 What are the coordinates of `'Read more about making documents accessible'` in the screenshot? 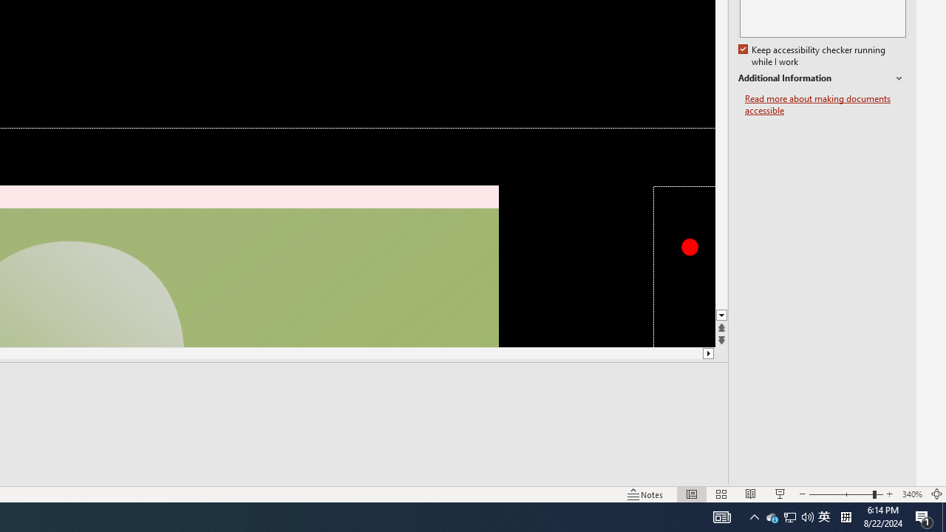 It's located at (825, 104).